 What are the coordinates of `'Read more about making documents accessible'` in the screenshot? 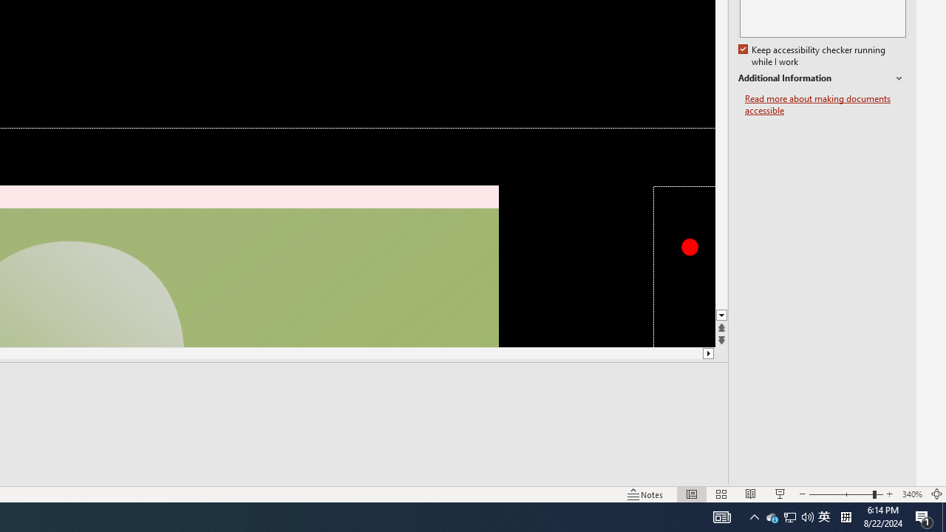 It's located at (825, 104).